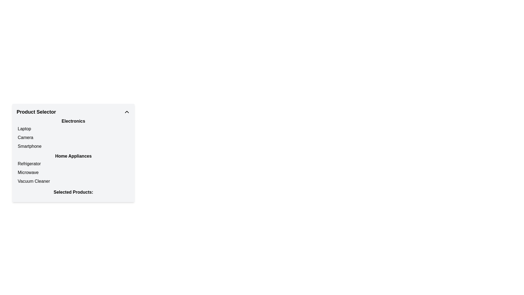 The width and height of the screenshot is (524, 295). I want to click on the triangular 'chevron up' icon button located at the top-right corner of the 'Product Selector' section, so click(127, 111).